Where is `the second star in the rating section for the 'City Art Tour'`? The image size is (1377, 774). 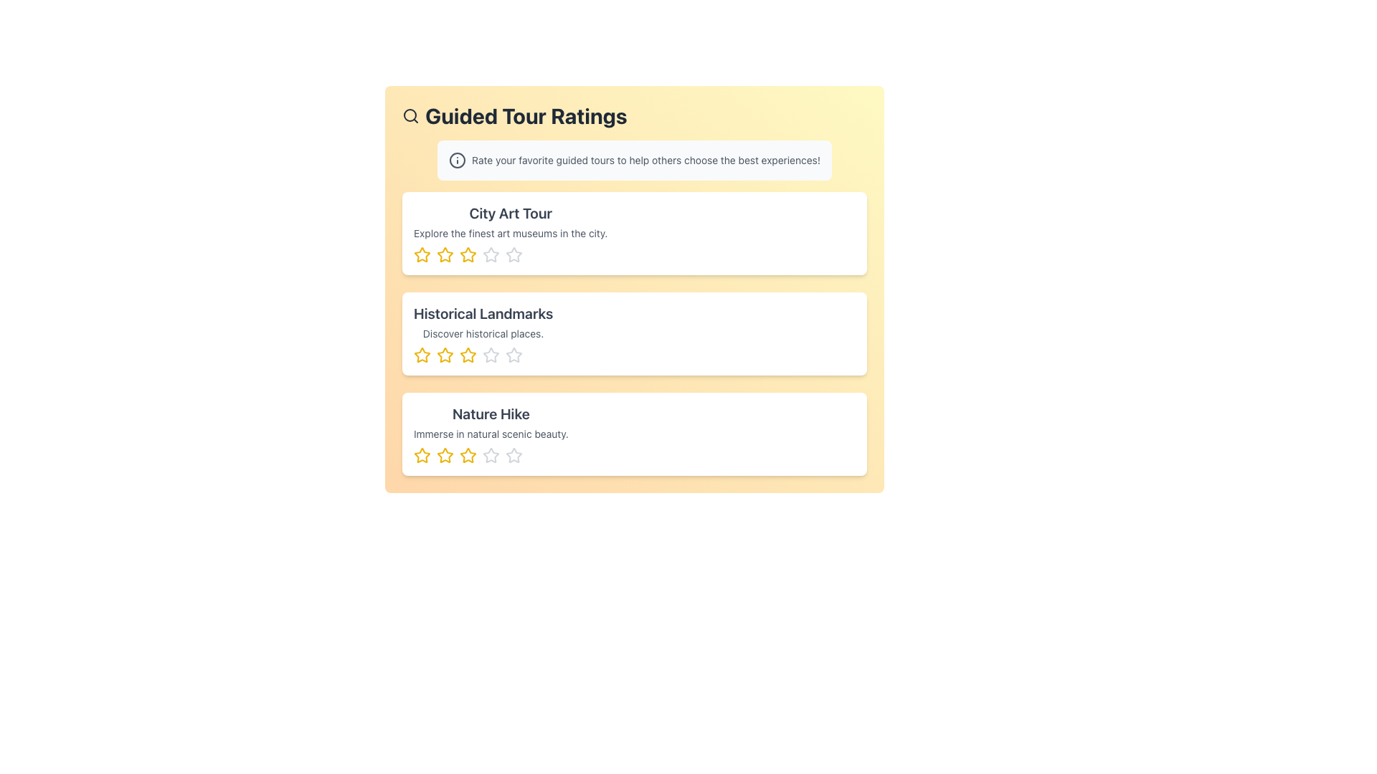
the second star in the rating section for the 'City Art Tour' is located at coordinates (444, 254).